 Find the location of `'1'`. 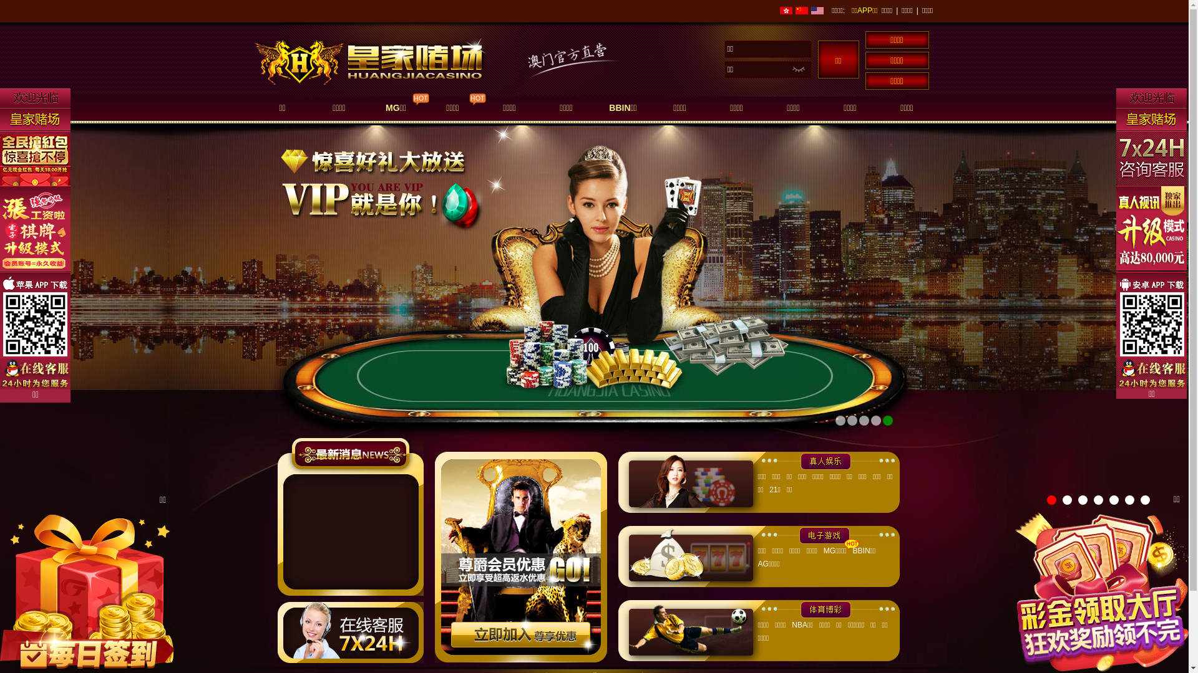

'1' is located at coordinates (1051, 499).